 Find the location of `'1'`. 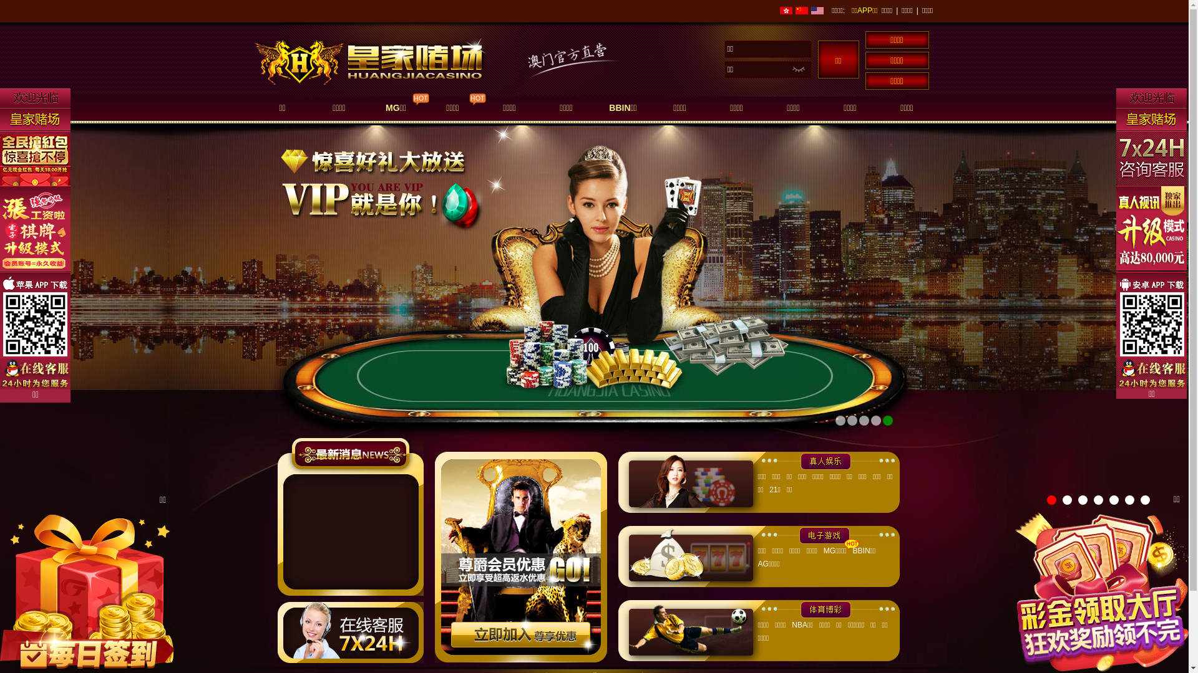

'1' is located at coordinates (1051, 499).